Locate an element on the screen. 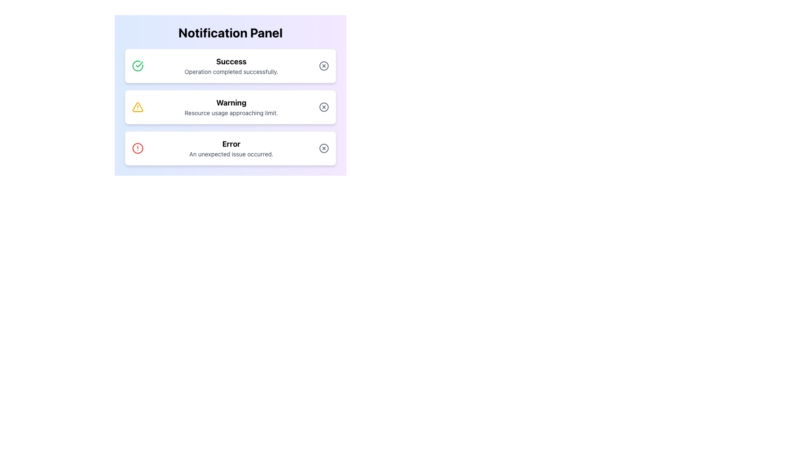  the 'Error' text label which displays the word 'Error' in bold and large text within the notification box is located at coordinates (231, 144).